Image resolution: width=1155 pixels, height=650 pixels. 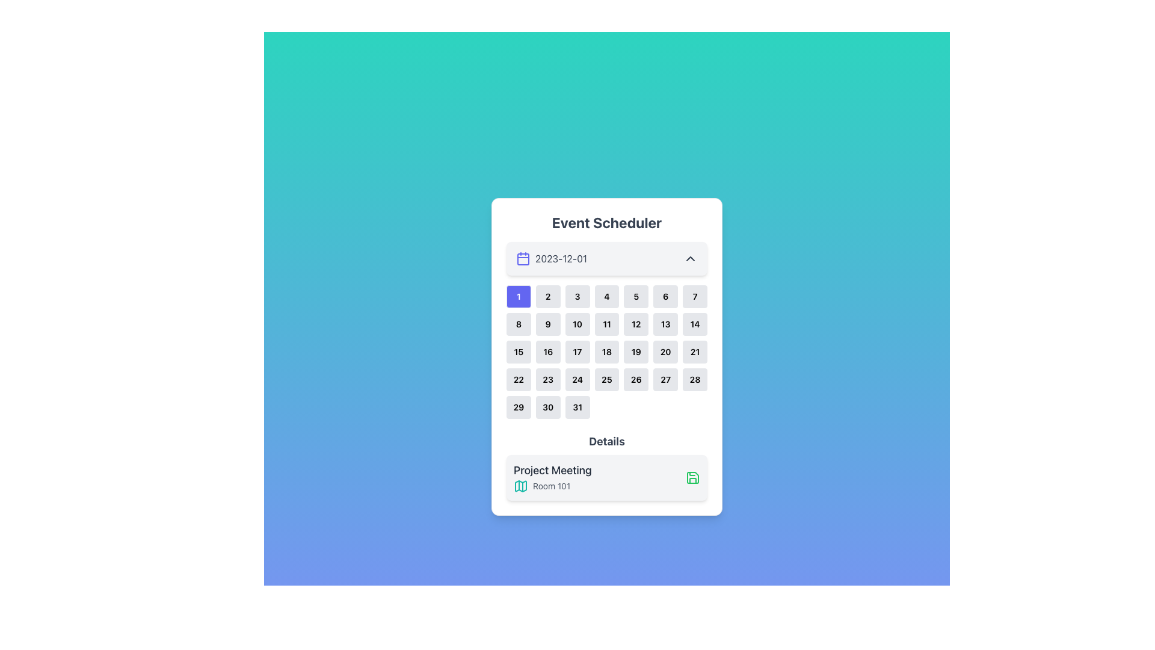 I want to click on the button representing the 17th day of the month in the calendar interface, so click(x=577, y=352).